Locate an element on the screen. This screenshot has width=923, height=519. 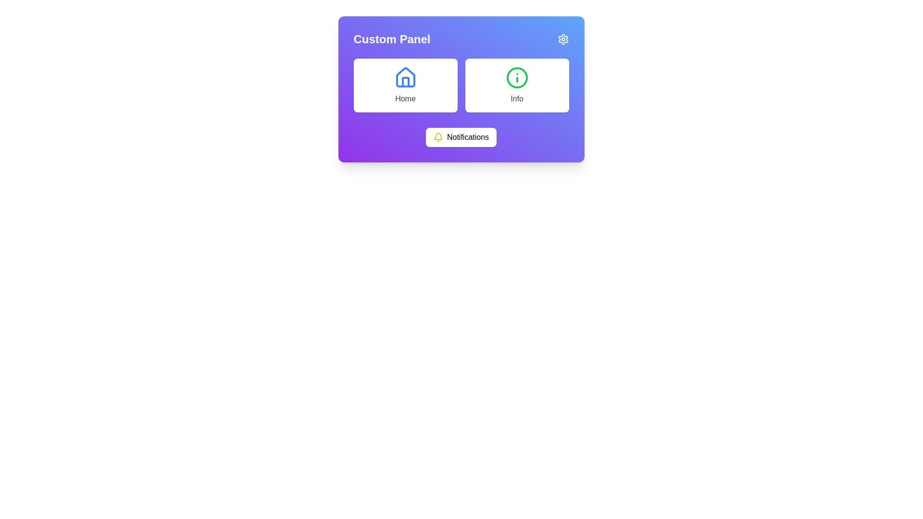
the settings icon button located at the top-right corner of the 'Custom Panel' is located at coordinates (563, 38).